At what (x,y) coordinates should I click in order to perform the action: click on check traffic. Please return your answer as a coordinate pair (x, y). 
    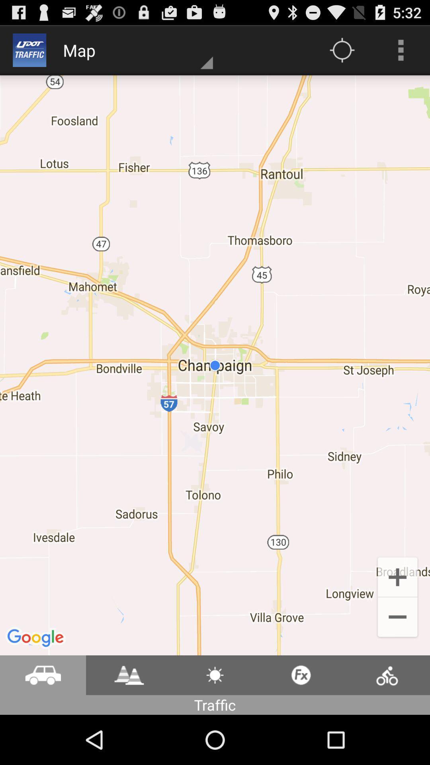
    Looking at the image, I should click on (43, 675).